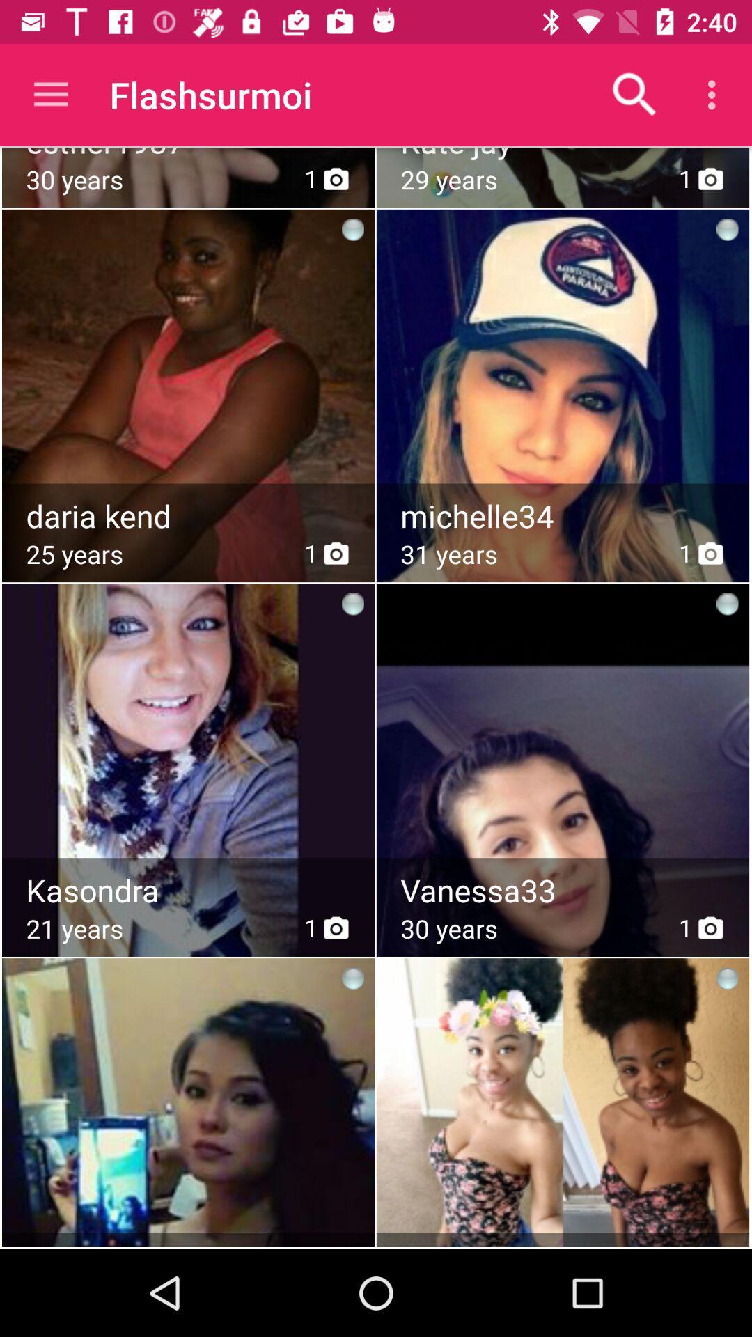  Describe the element at coordinates (50, 94) in the screenshot. I see `icon next to the flashsurmoi item` at that location.